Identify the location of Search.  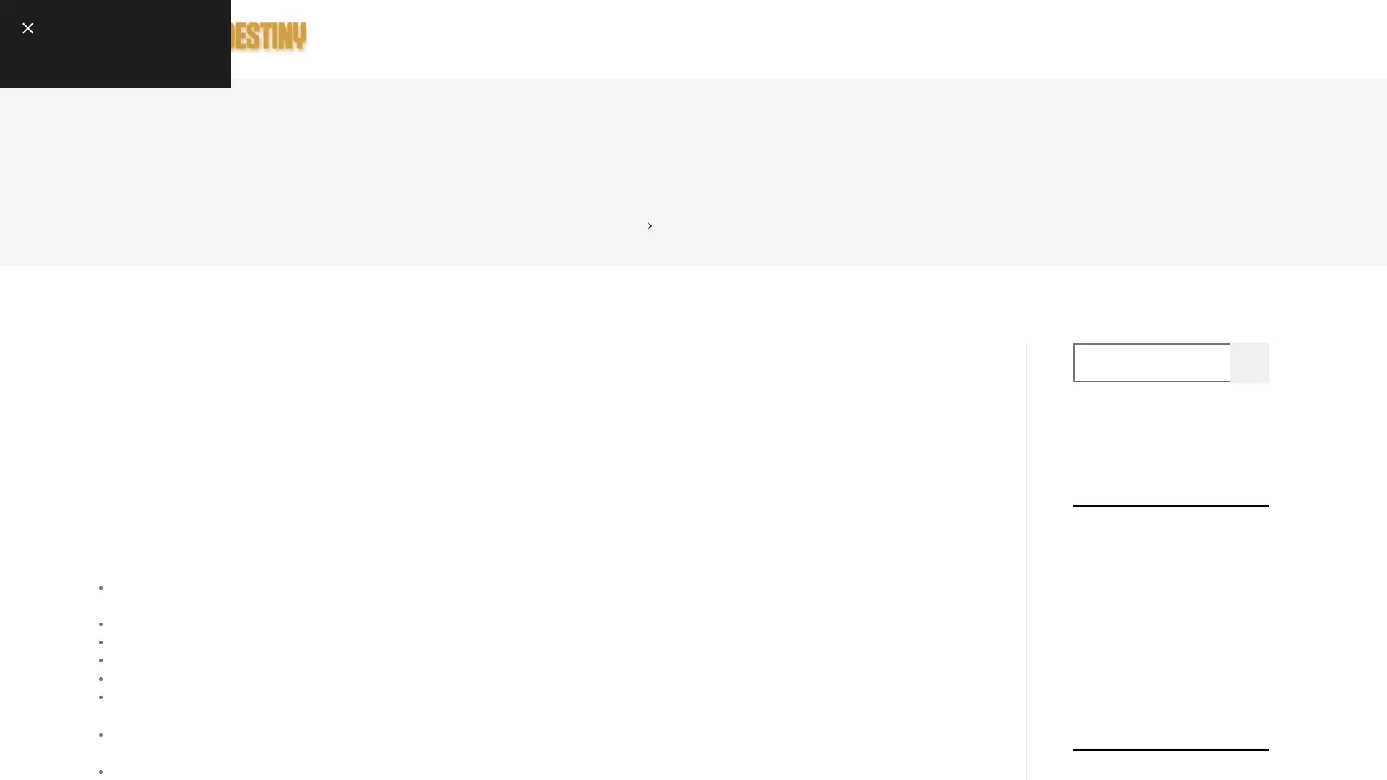
(1248, 371).